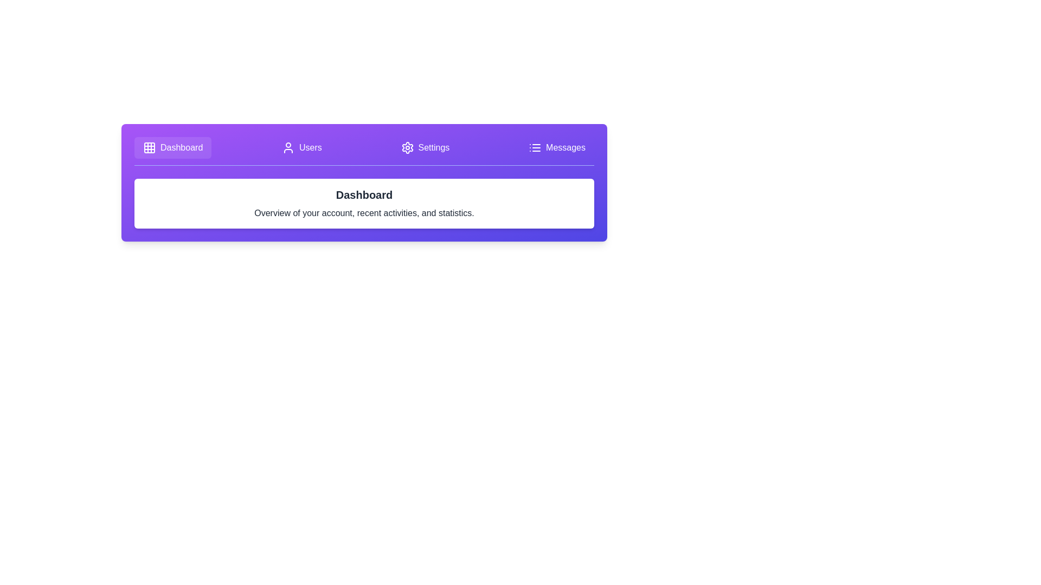 This screenshot has height=585, width=1041. What do you see at coordinates (364, 203) in the screenshot?
I see `overview text from the centered multi-line text block that displays 'Dashboard' and its description about account activities` at bounding box center [364, 203].